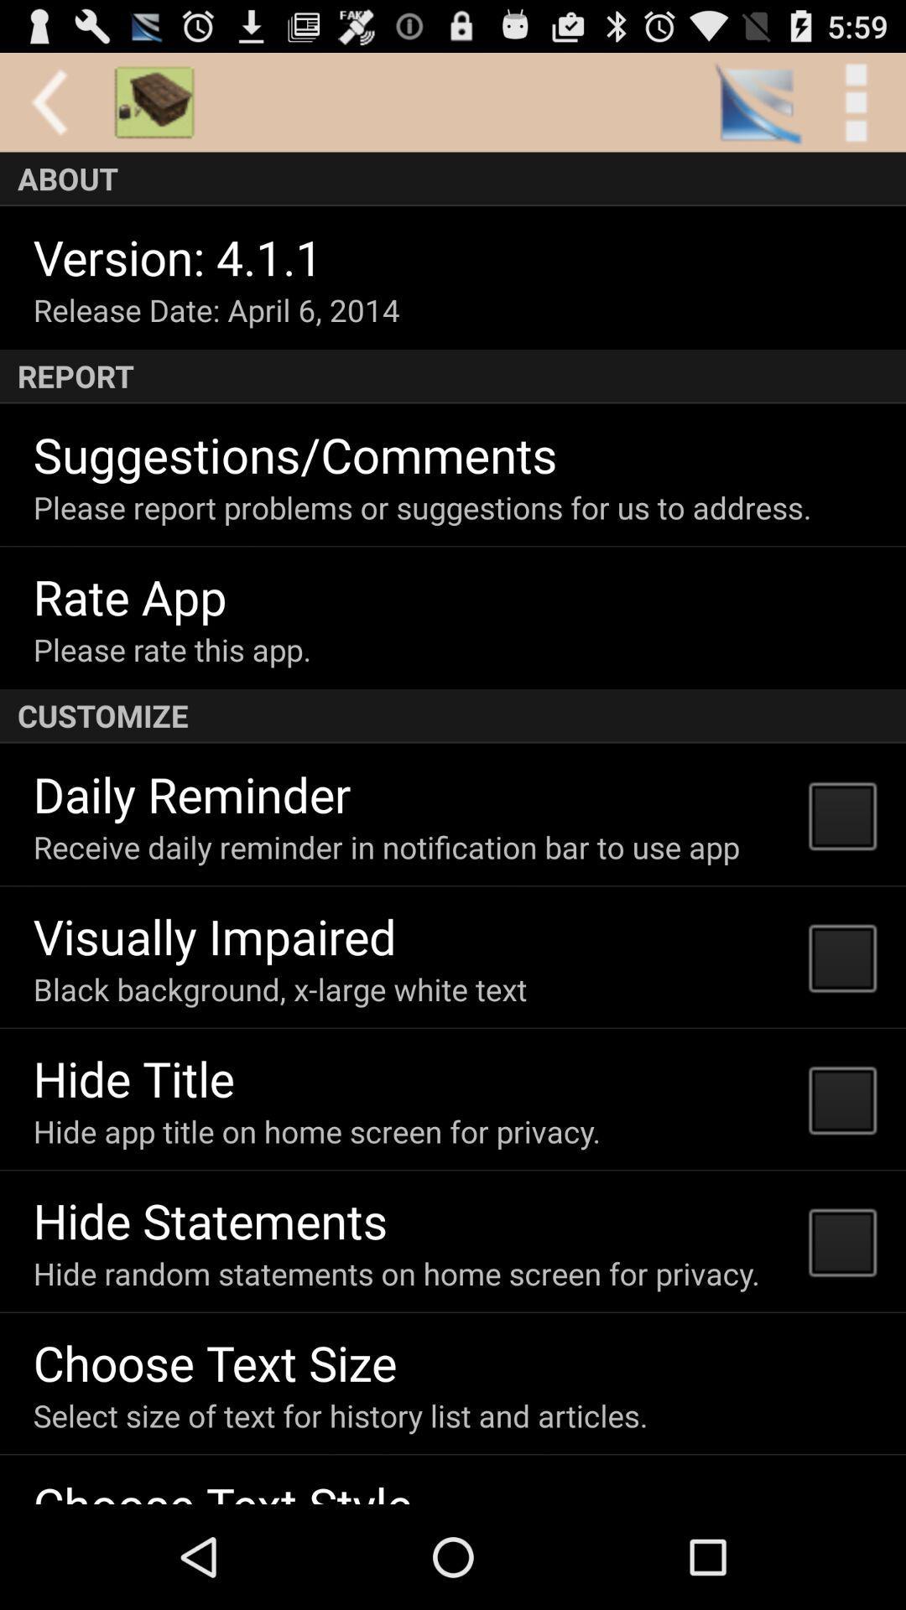 The image size is (906, 1610). What do you see at coordinates (453, 716) in the screenshot?
I see `the customize item` at bounding box center [453, 716].